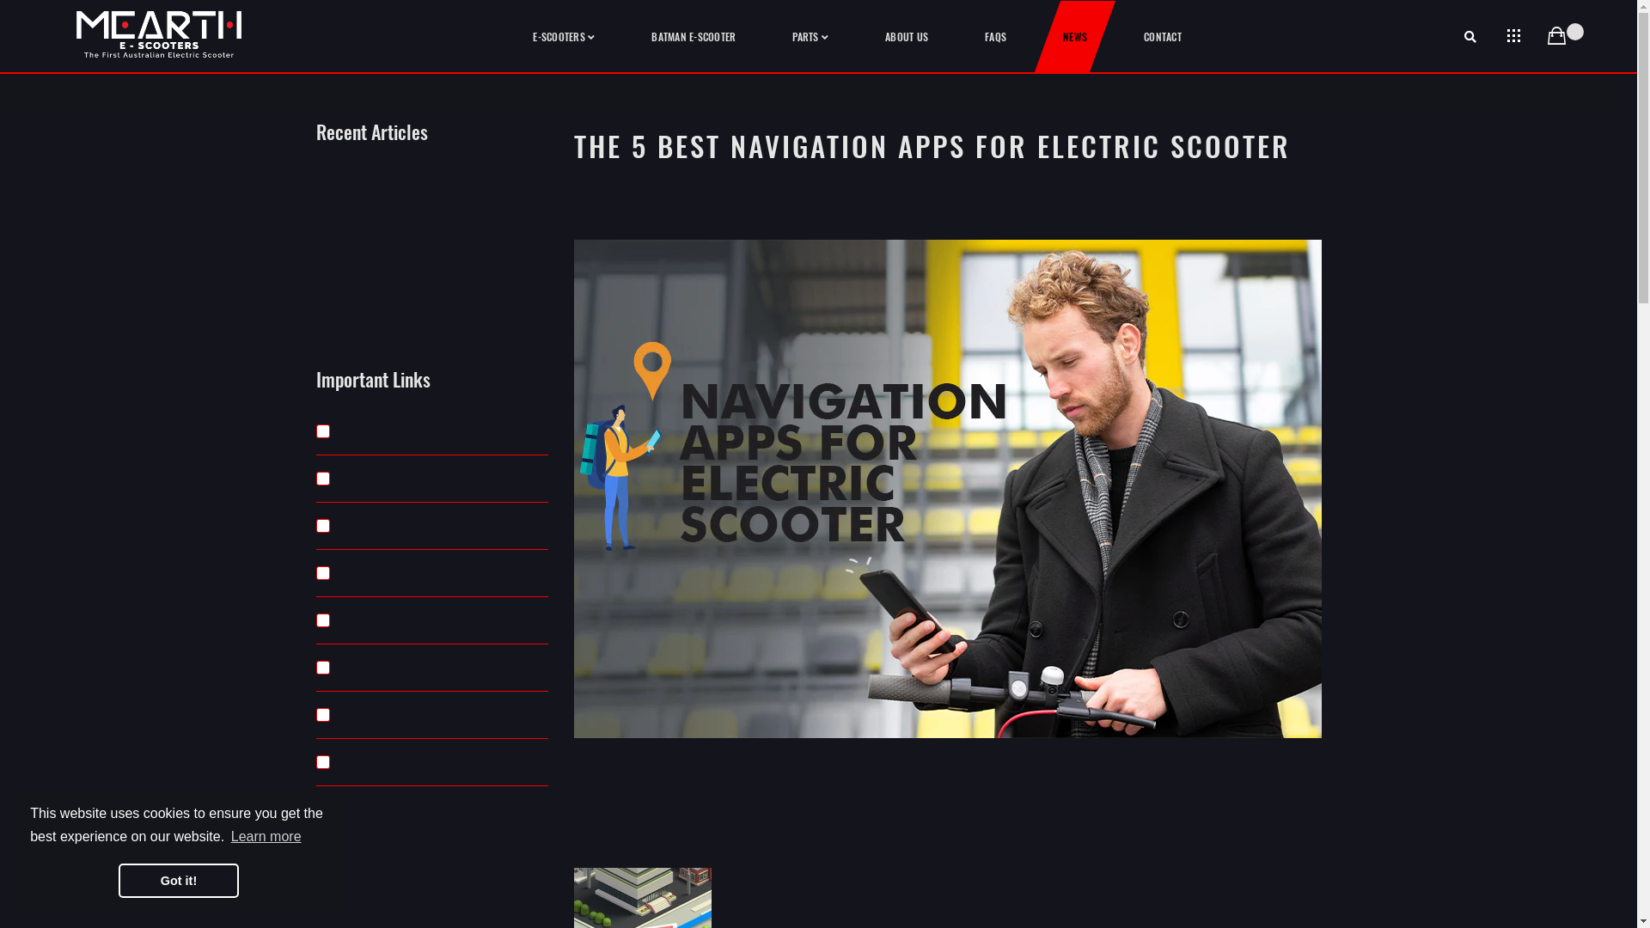 Image resolution: width=1650 pixels, height=928 pixels. Describe the element at coordinates (118, 881) in the screenshot. I see `'Got it!'` at that location.